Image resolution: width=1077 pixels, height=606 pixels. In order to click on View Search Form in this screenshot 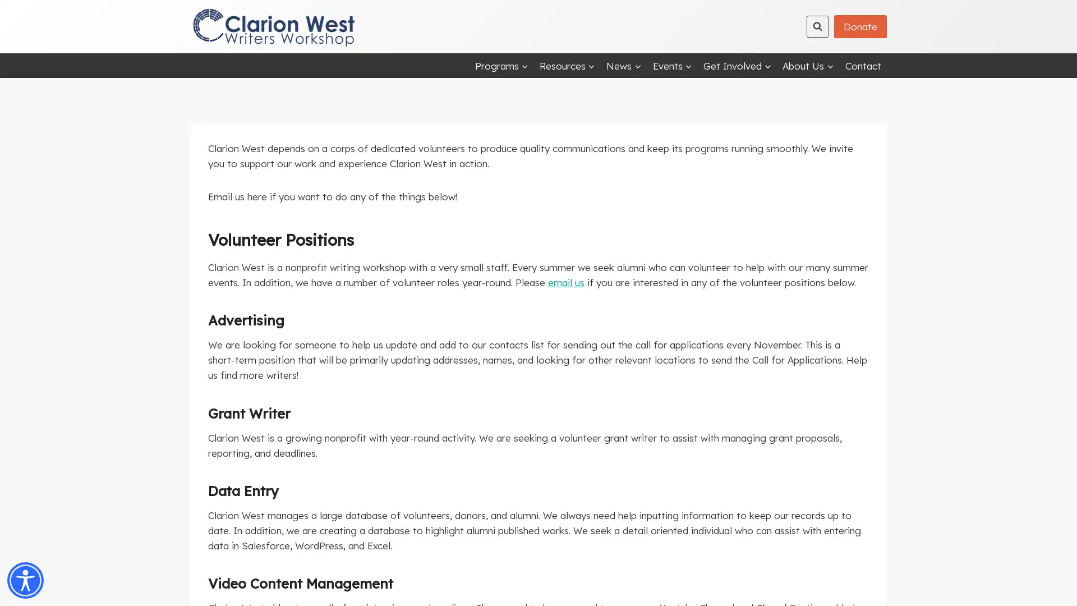, I will do `click(817, 25)`.